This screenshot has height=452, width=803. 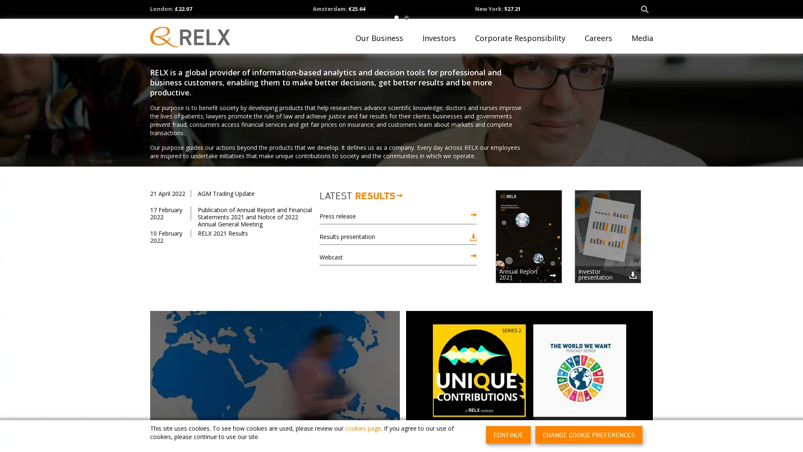 What do you see at coordinates (511, 434) in the screenshot?
I see `CONTINUE` at bounding box center [511, 434].